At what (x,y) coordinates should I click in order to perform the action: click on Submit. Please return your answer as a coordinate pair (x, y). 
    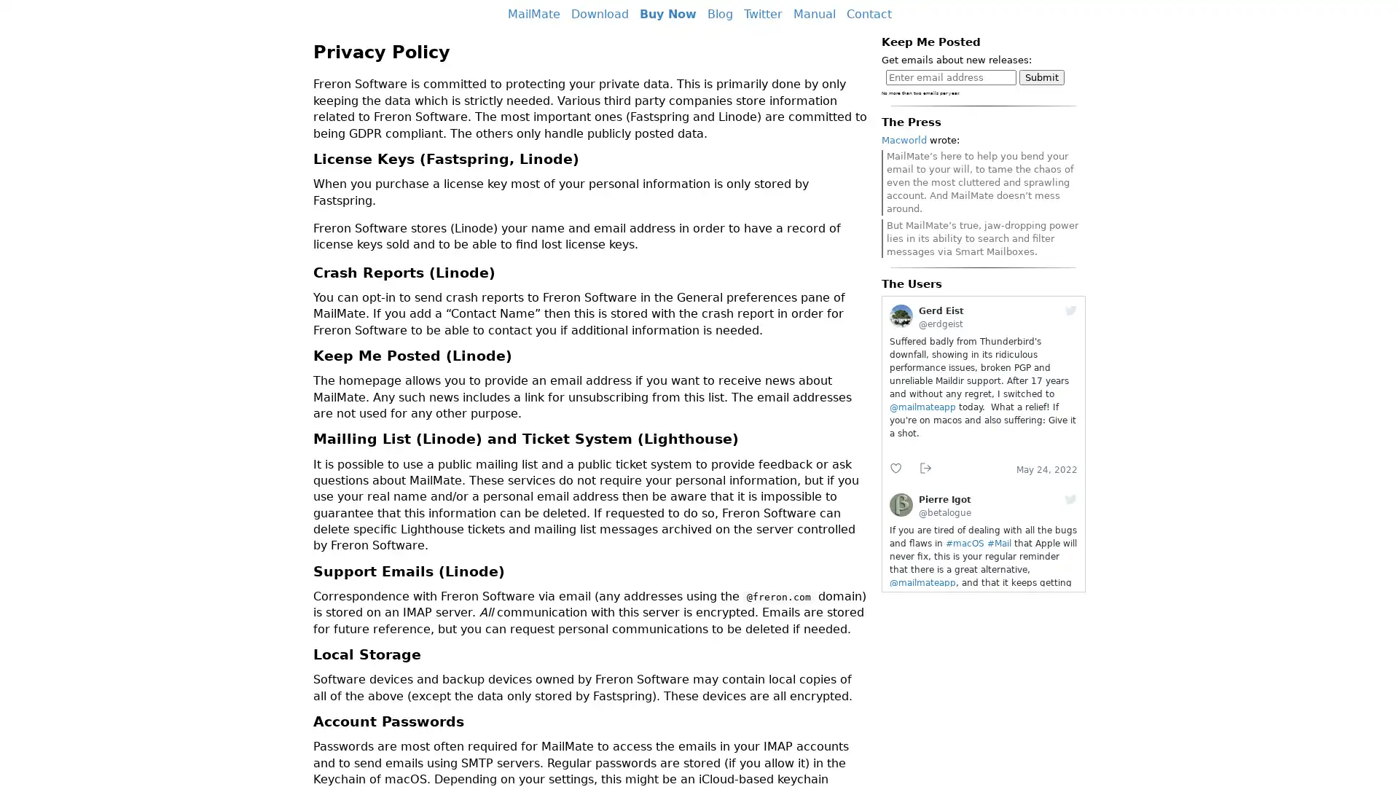
    Looking at the image, I should click on (1041, 77).